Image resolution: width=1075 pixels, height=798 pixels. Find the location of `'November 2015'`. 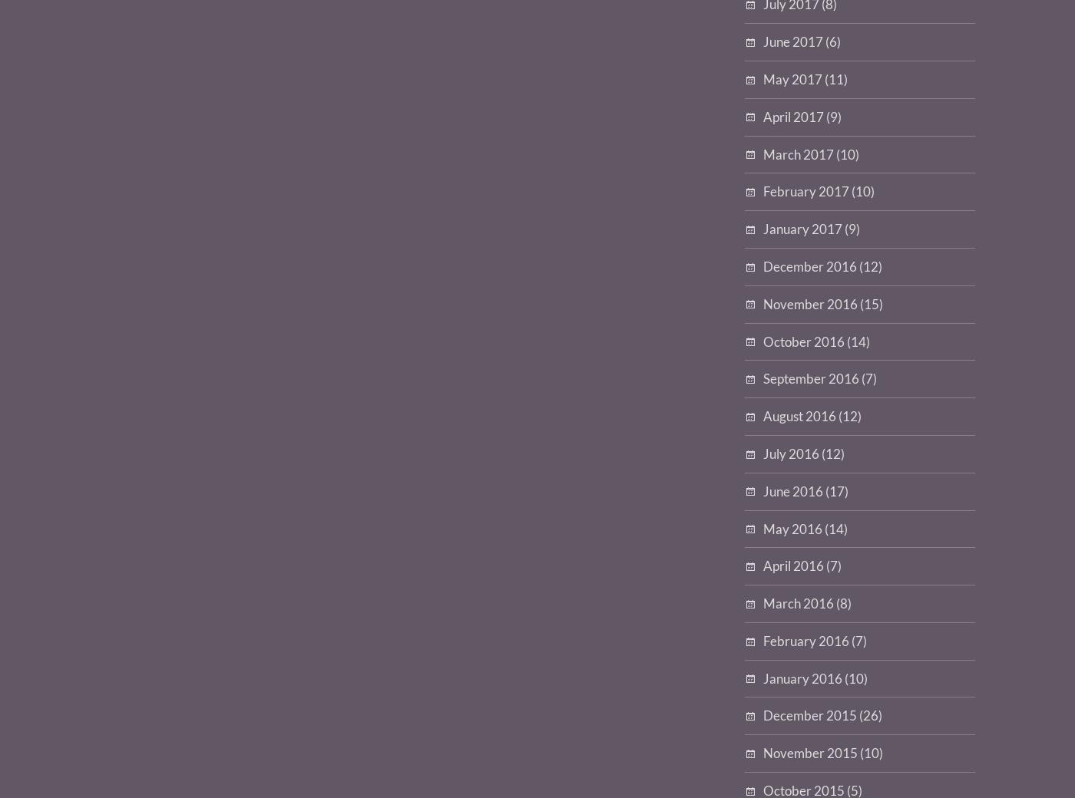

'November 2015' is located at coordinates (810, 753).